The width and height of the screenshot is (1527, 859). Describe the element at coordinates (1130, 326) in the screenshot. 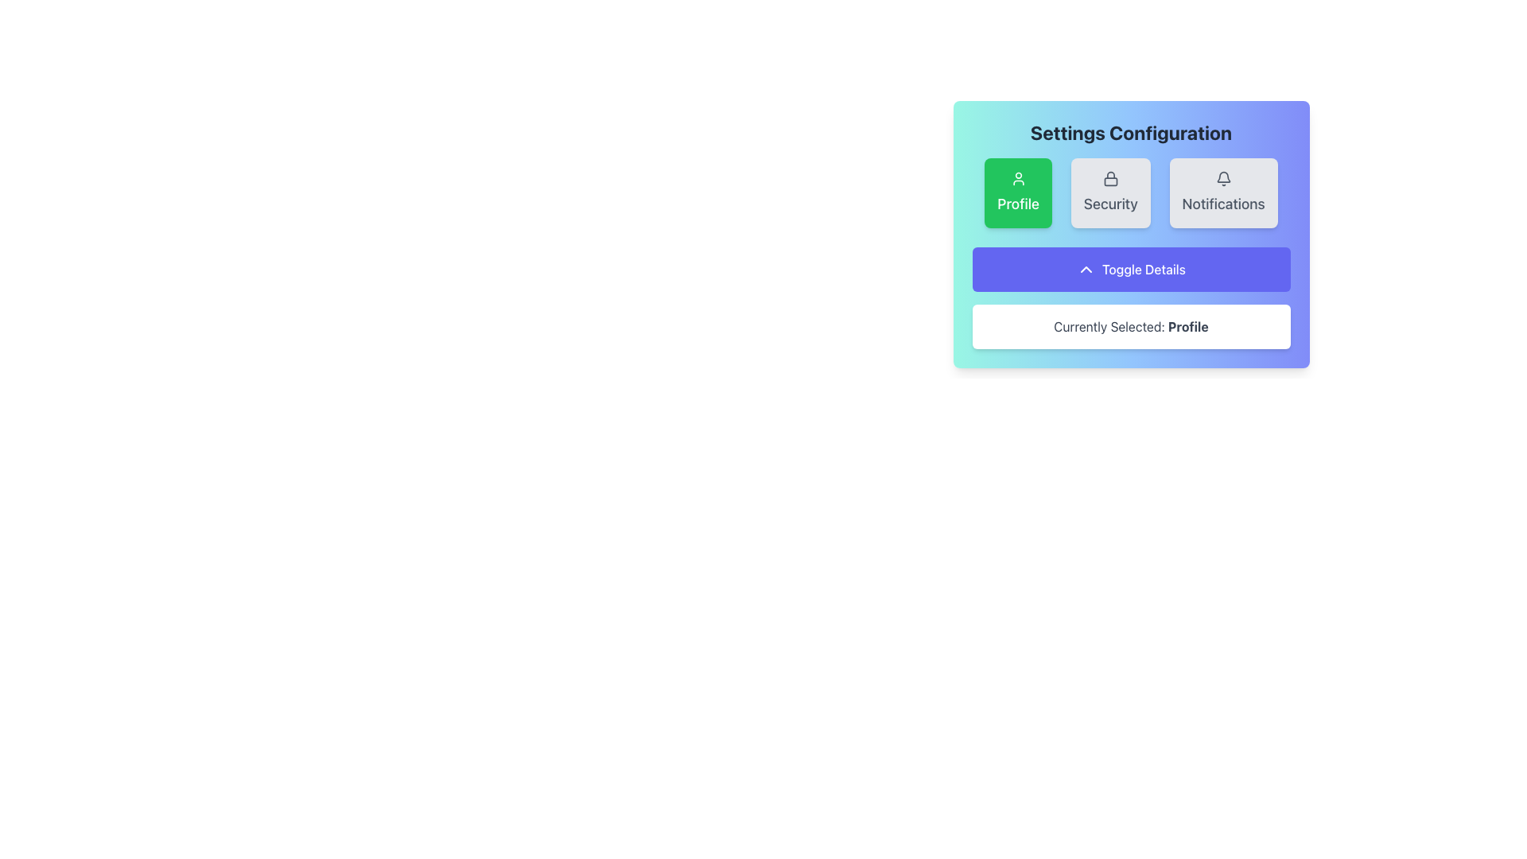

I see `the Informational Label indicating the currently selected item 'Profile', located beneath the 'Toggle Details' button` at that location.